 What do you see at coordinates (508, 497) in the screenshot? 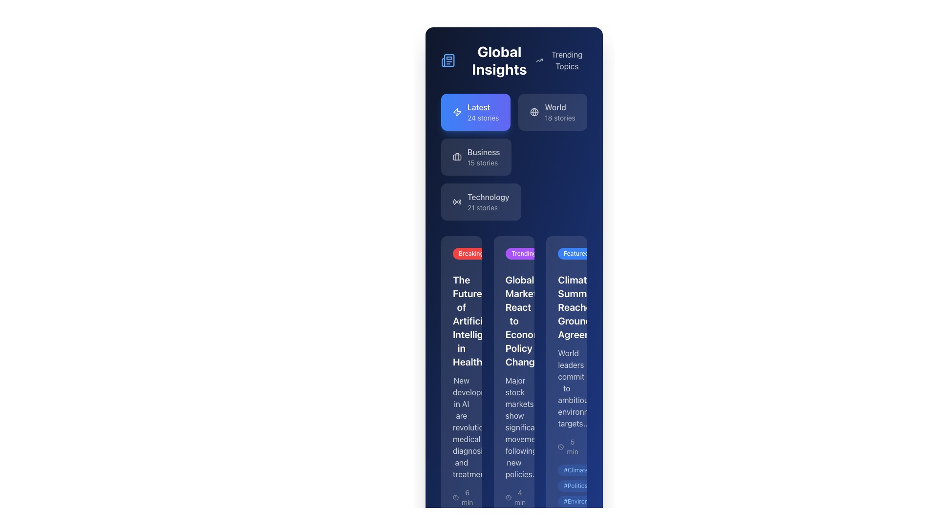
I see `information associated with the small clock icon representing a time indication, which is visually connected to the nearby text label '4 min'` at bounding box center [508, 497].